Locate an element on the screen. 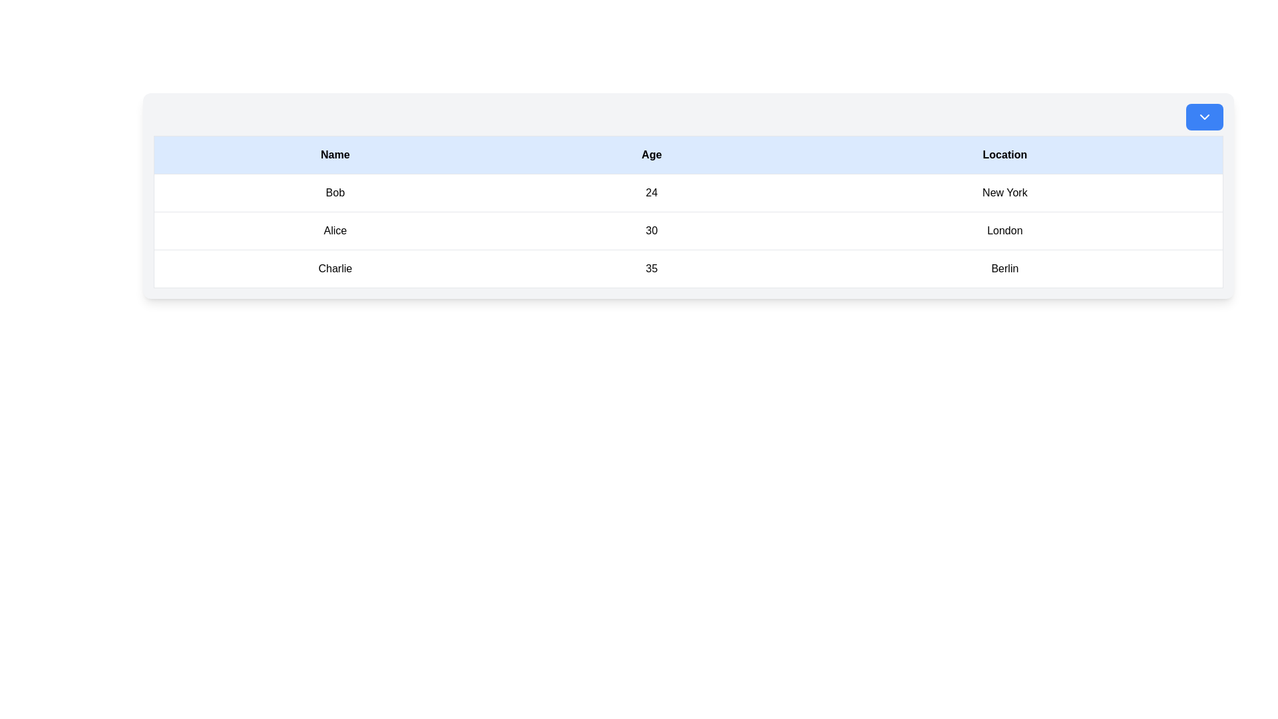  the text label displaying 'Berlin' located in the third cell of the last row under the 'Location' column in the table is located at coordinates (1005, 269).